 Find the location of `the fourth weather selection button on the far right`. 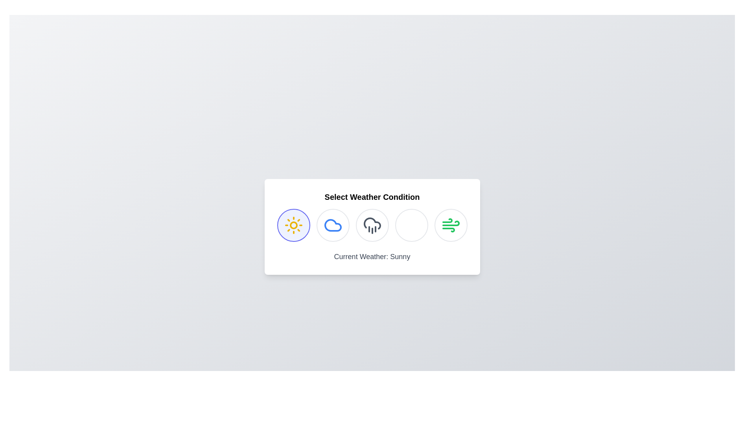

the fourth weather selection button on the far right is located at coordinates (451, 225).